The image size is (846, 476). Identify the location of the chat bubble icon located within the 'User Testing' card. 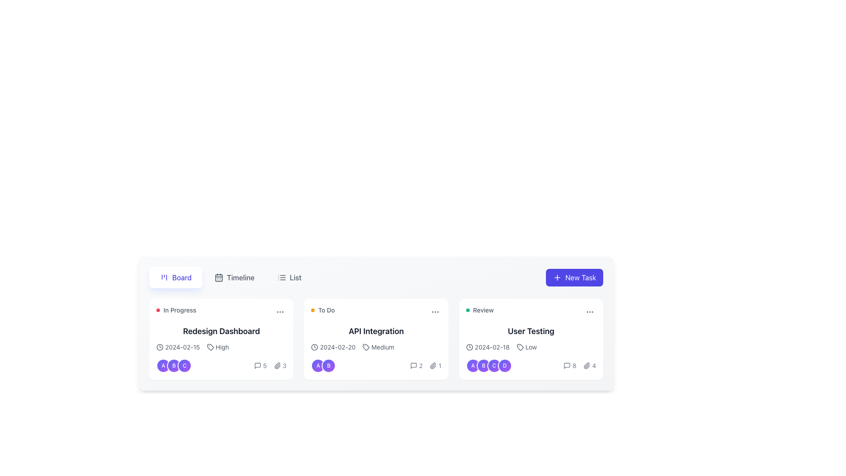
(567, 365).